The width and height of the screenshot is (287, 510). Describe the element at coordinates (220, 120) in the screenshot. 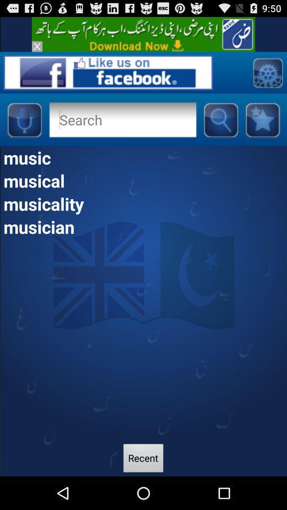

I see `execute search` at that location.